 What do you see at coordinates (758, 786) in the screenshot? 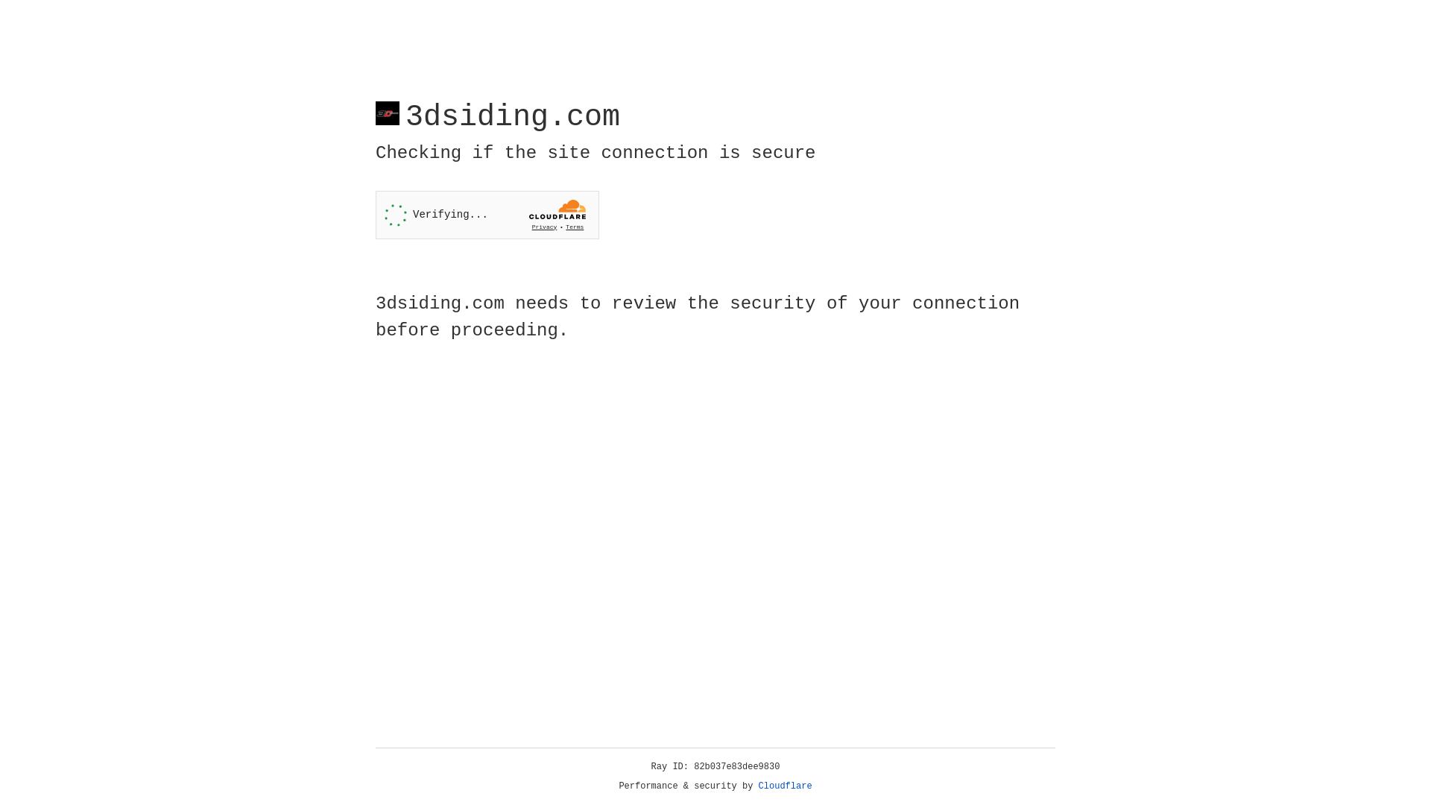
I see `'Cloudflare'` at bounding box center [758, 786].